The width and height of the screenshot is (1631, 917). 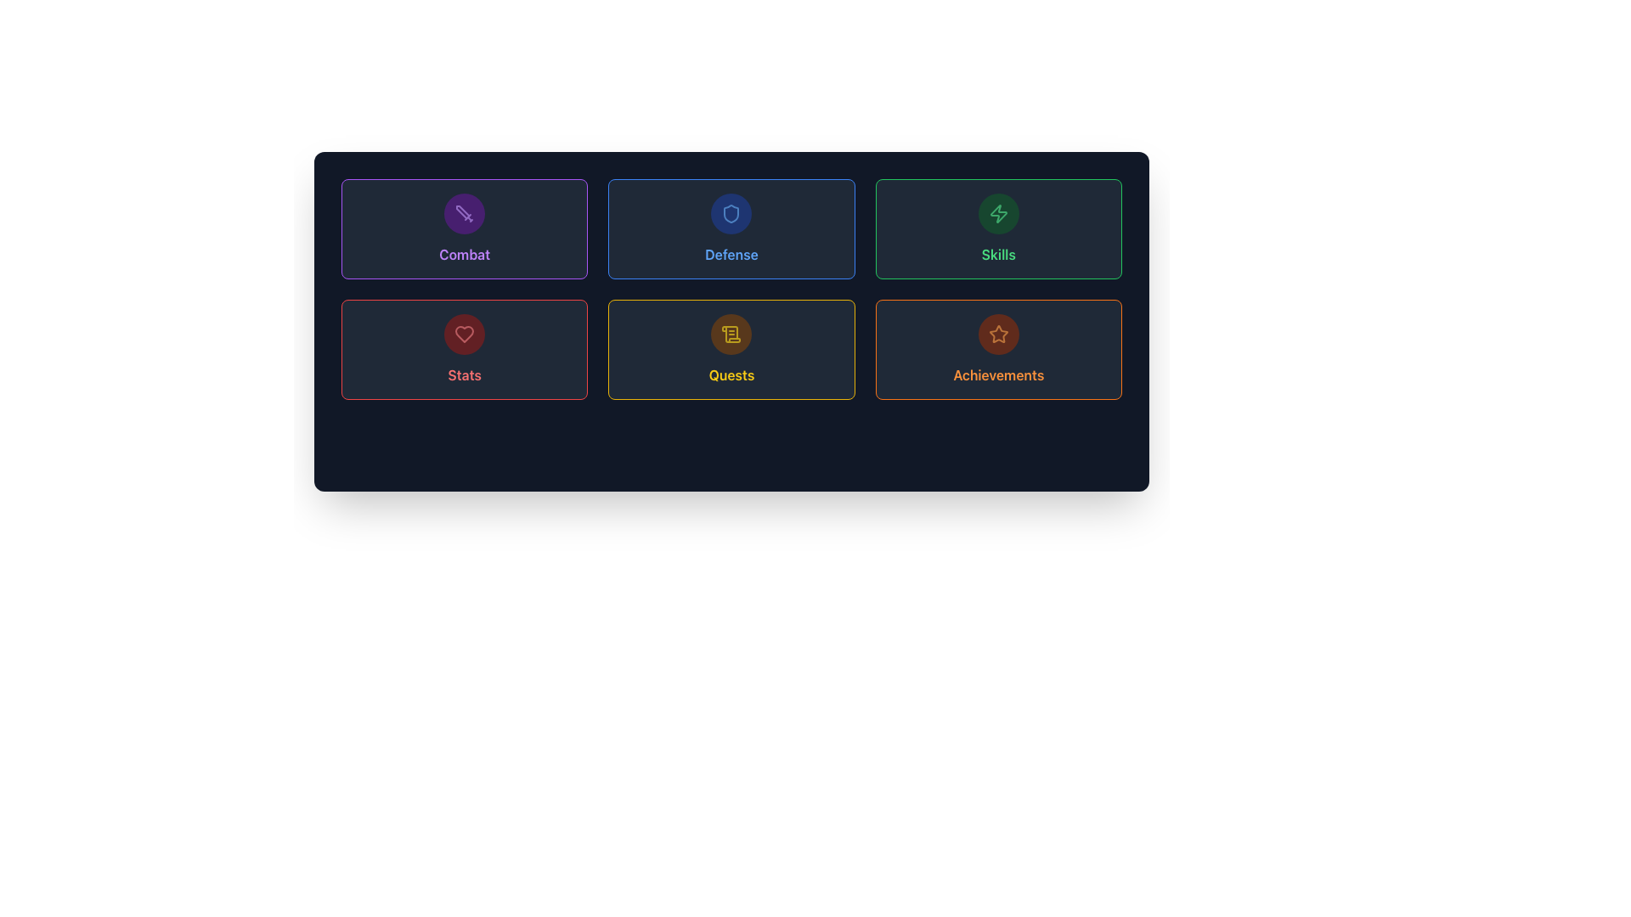 What do you see at coordinates (465, 255) in the screenshot?
I see `the 'Combat' text label element, styled in a bold purple font, located in the top-left card of a grid layout` at bounding box center [465, 255].